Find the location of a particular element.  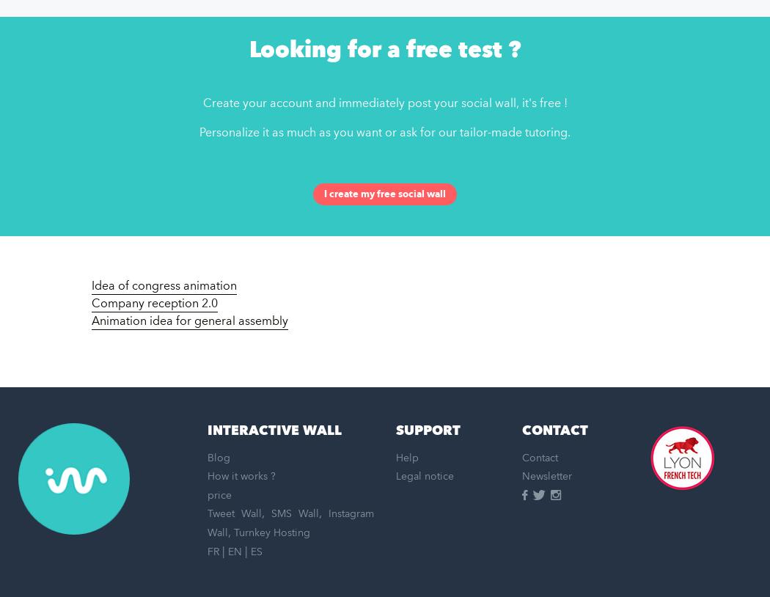

'Instagram Wall' is located at coordinates (290, 523).